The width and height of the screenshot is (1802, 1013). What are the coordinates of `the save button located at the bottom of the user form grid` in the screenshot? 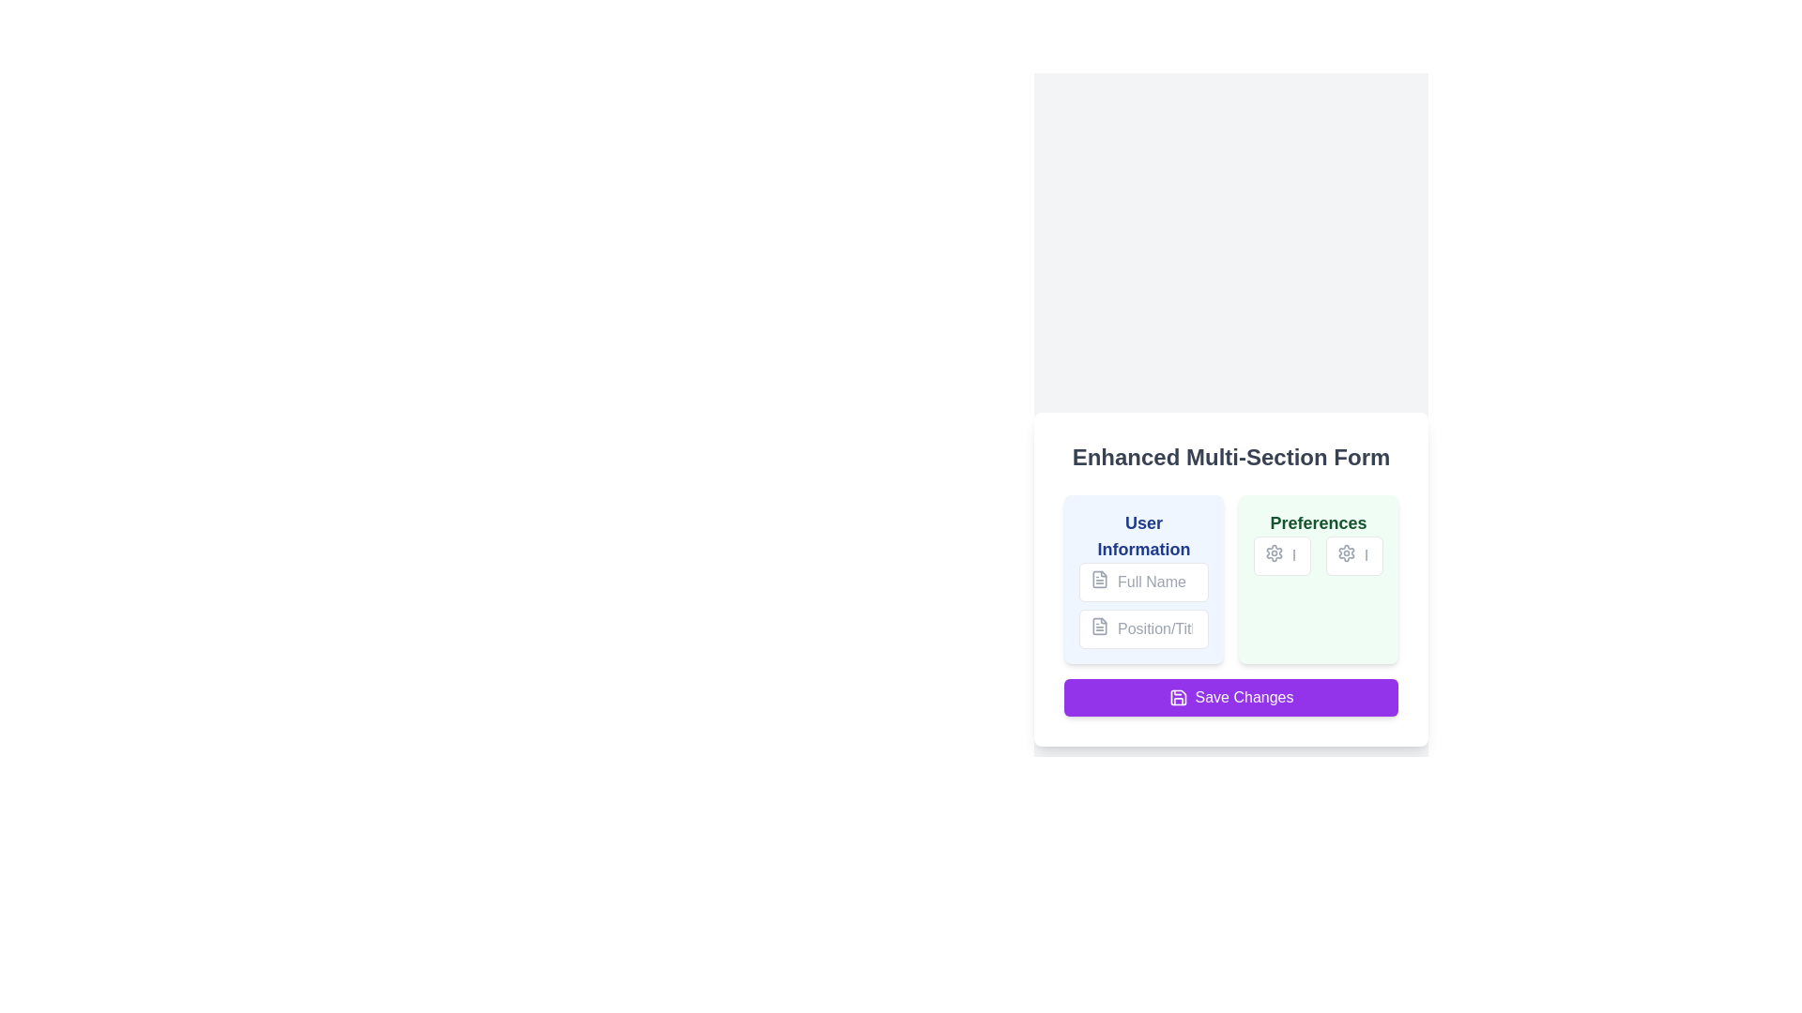 It's located at (1230, 698).